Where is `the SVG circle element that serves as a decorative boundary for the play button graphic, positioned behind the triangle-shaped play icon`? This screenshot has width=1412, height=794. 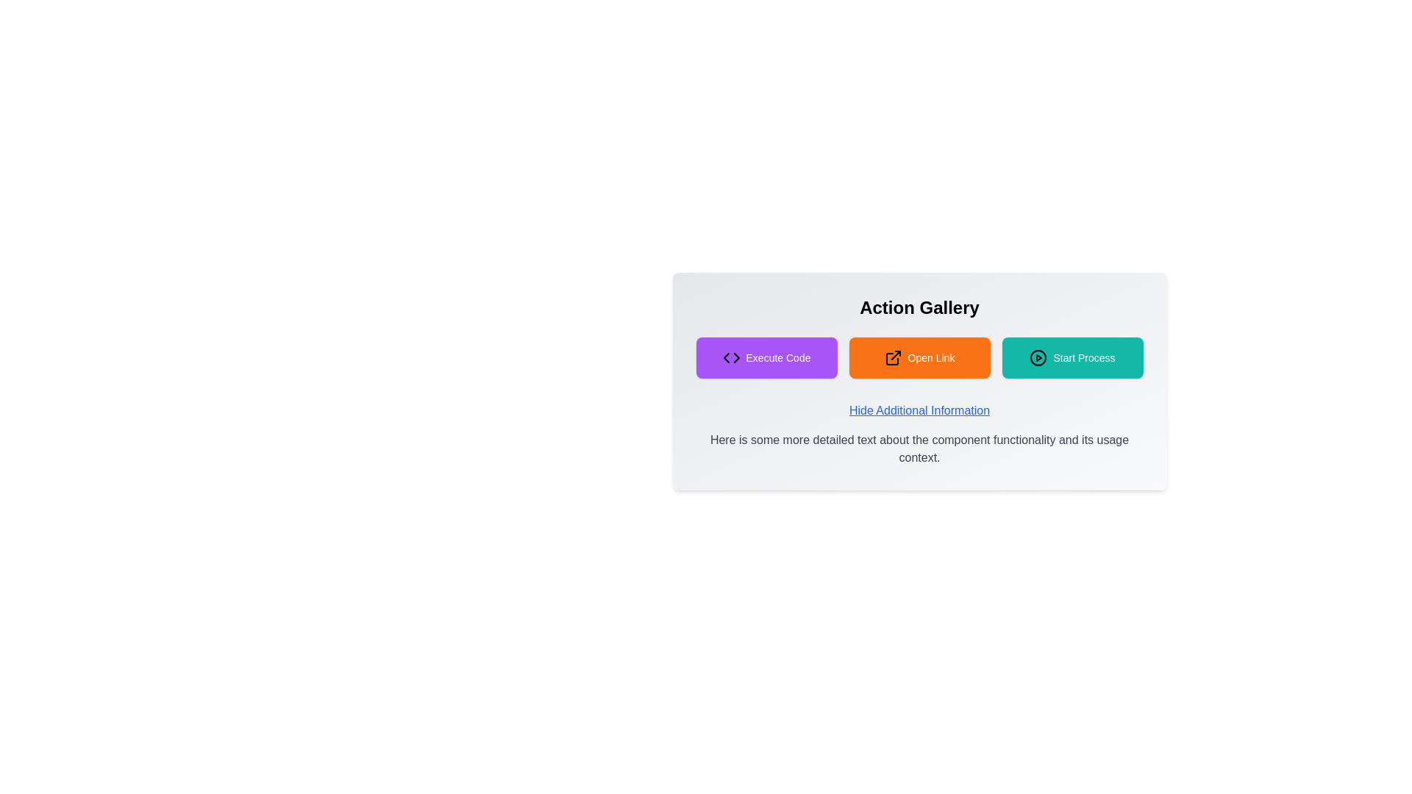 the SVG circle element that serves as a decorative boundary for the play button graphic, positioned behind the triangle-shaped play icon is located at coordinates (1038, 357).